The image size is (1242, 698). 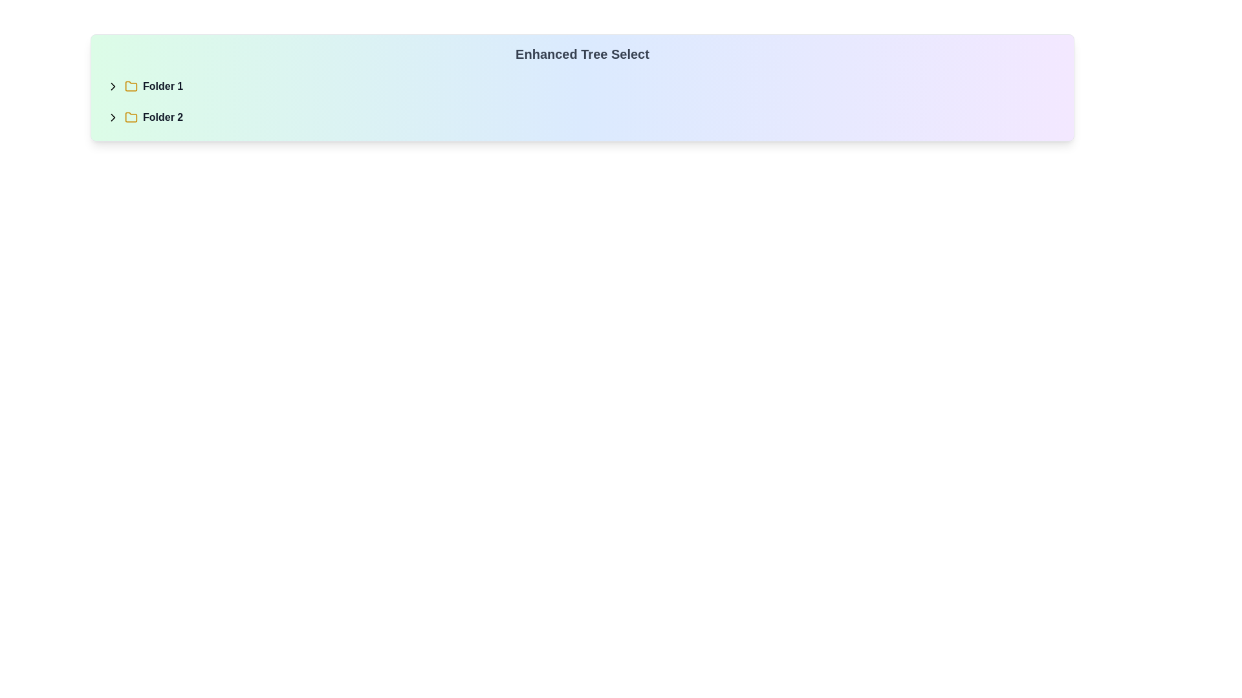 I want to click on the Chevron expand/collapse toggle button, which is a right-pointing chevron icon styled with a simple outline, located next to the yellow folder icon and the text 'Folder 1', so click(x=113, y=87).